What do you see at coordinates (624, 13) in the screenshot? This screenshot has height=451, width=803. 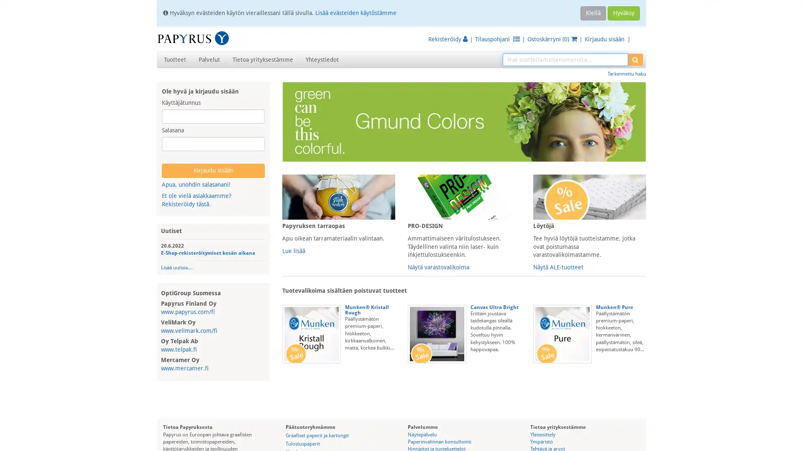 I see `Hyvaksy` at bounding box center [624, 13].